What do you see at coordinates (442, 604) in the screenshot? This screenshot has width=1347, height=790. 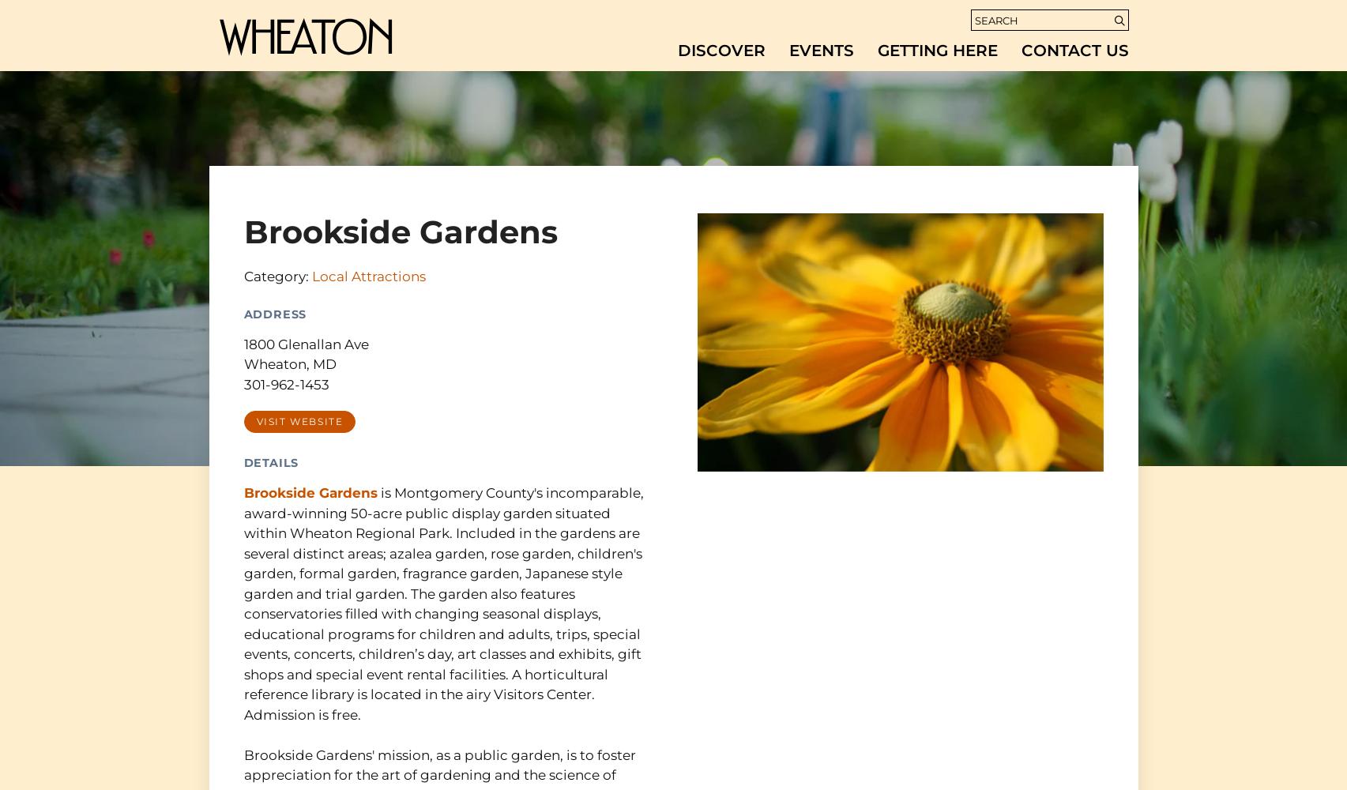 I see `'is Montgomery County's incomparable, award-winning 50-acre public display garden situated within Wheaton Regional Park. Included in the gardens are several distinct areas; azalea garden, rose garden, children's garden, formal garden, fragrance garden, Japanese style garden and trial garden. The garden also features conservatories filled with changing seasonal displays, educational programs for children and adults, trips, special events, concerts, children’s day, art classes and exhibits, gift shops and special event rental facilities. A horticultural reference library is located in the airy Visitors Center. Admission is free.'` at bounding box center [442, 604].